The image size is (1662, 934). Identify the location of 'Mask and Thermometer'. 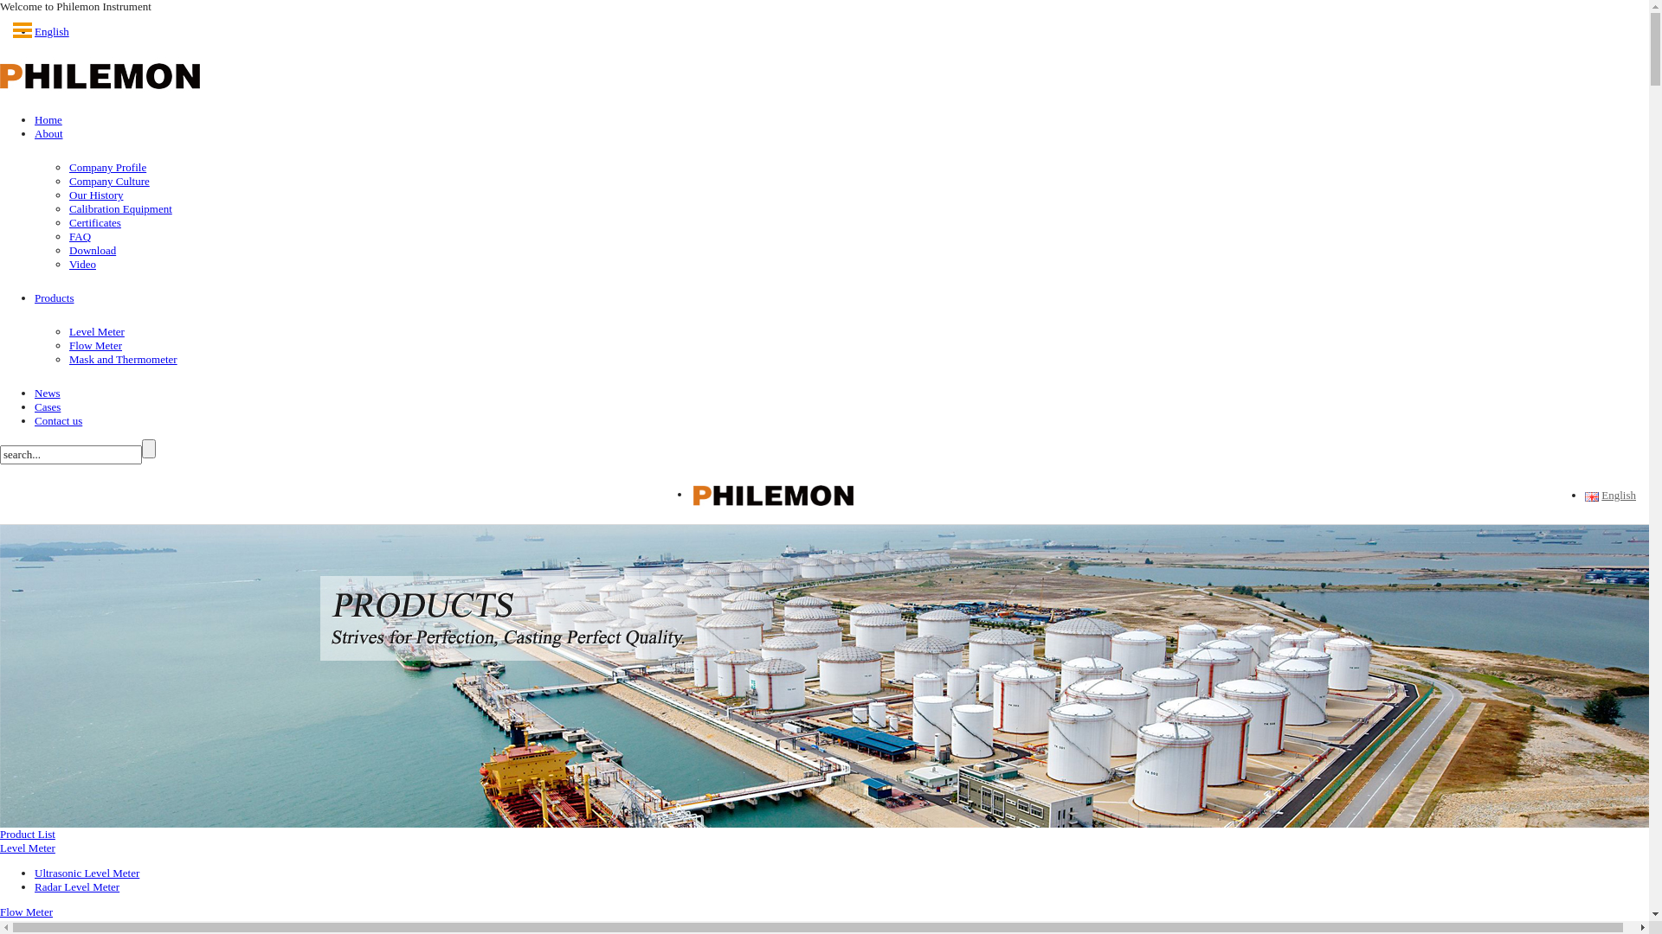
(122, 358).